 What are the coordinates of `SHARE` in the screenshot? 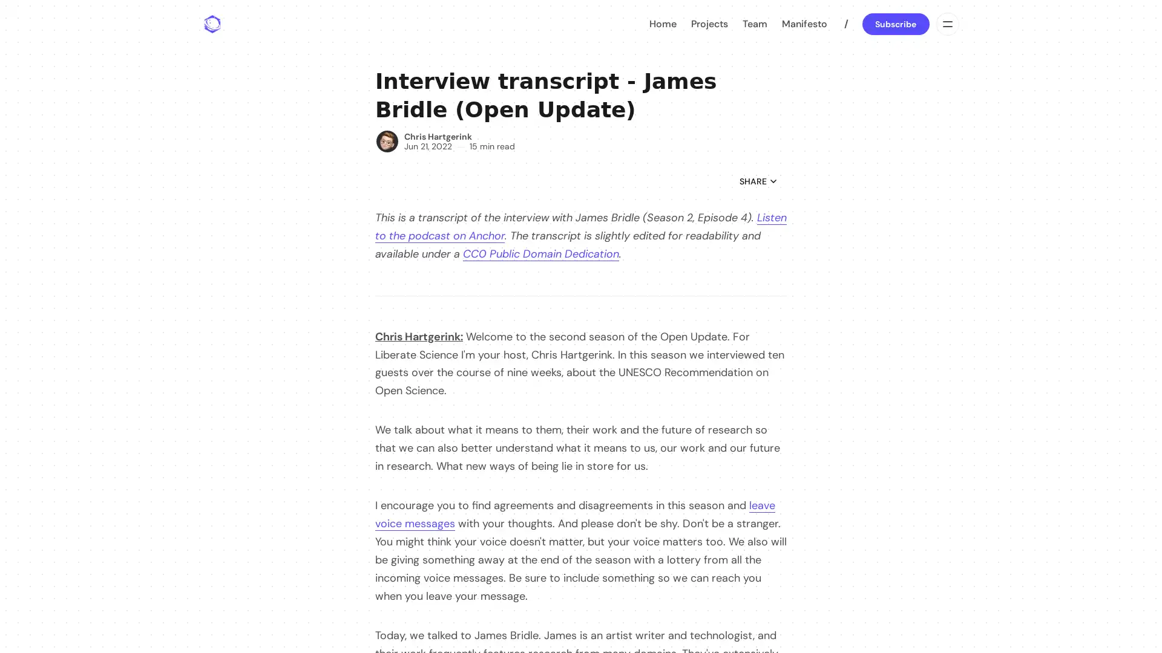 It's located at (758, 181).